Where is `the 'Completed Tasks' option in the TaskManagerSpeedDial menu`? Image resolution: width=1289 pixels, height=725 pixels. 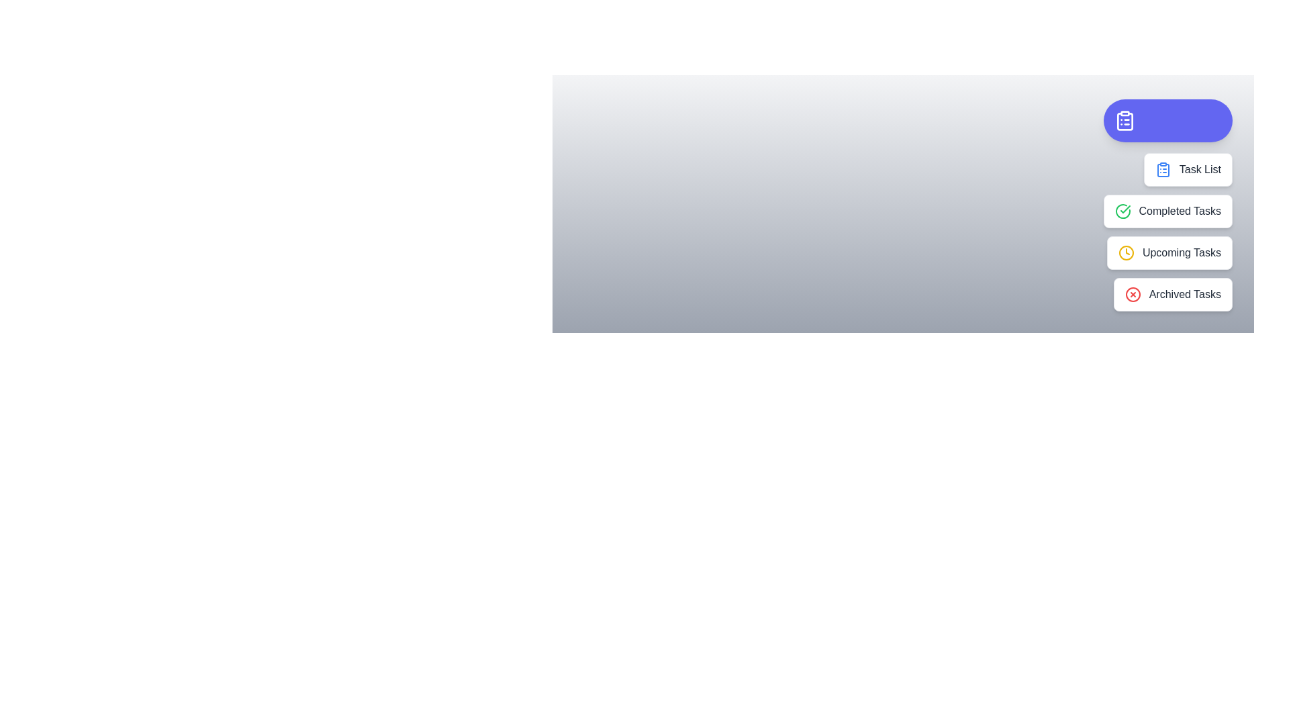 the 'Completed Tasks' option in the TaskManagerSpeedDial menu is located at coordinates (1166, 211).